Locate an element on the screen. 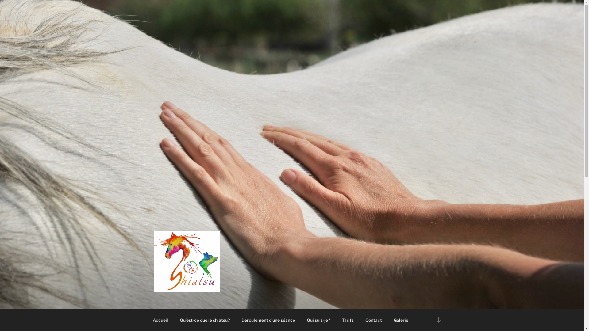 The height and width of the screenshot is (331, 589). 'Accueil' is located at coordinates (160, 320).